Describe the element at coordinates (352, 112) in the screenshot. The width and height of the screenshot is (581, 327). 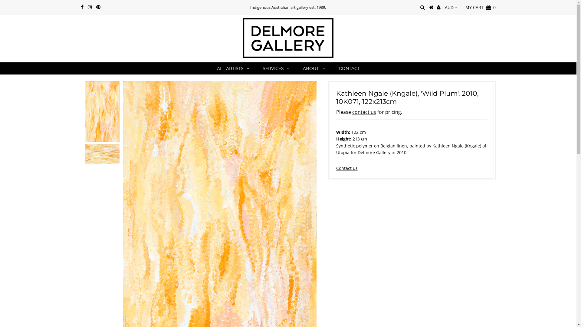
I see `'contact us'` at that location.